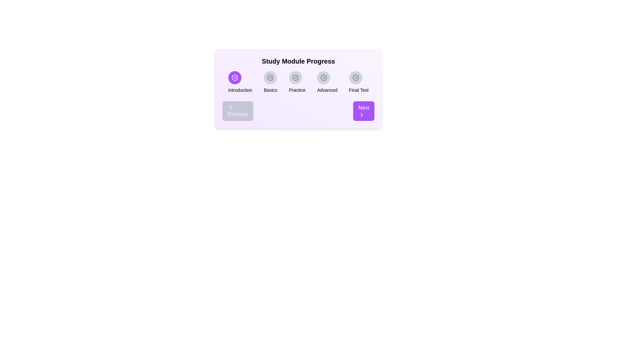 This screenshot has height=354, width=629. Describe the element at coordinates (355, 77) in the screenshot. I see `the rightmost circular icon in the 'Final Test' module progress tracker to signify completion or activation` at that location.